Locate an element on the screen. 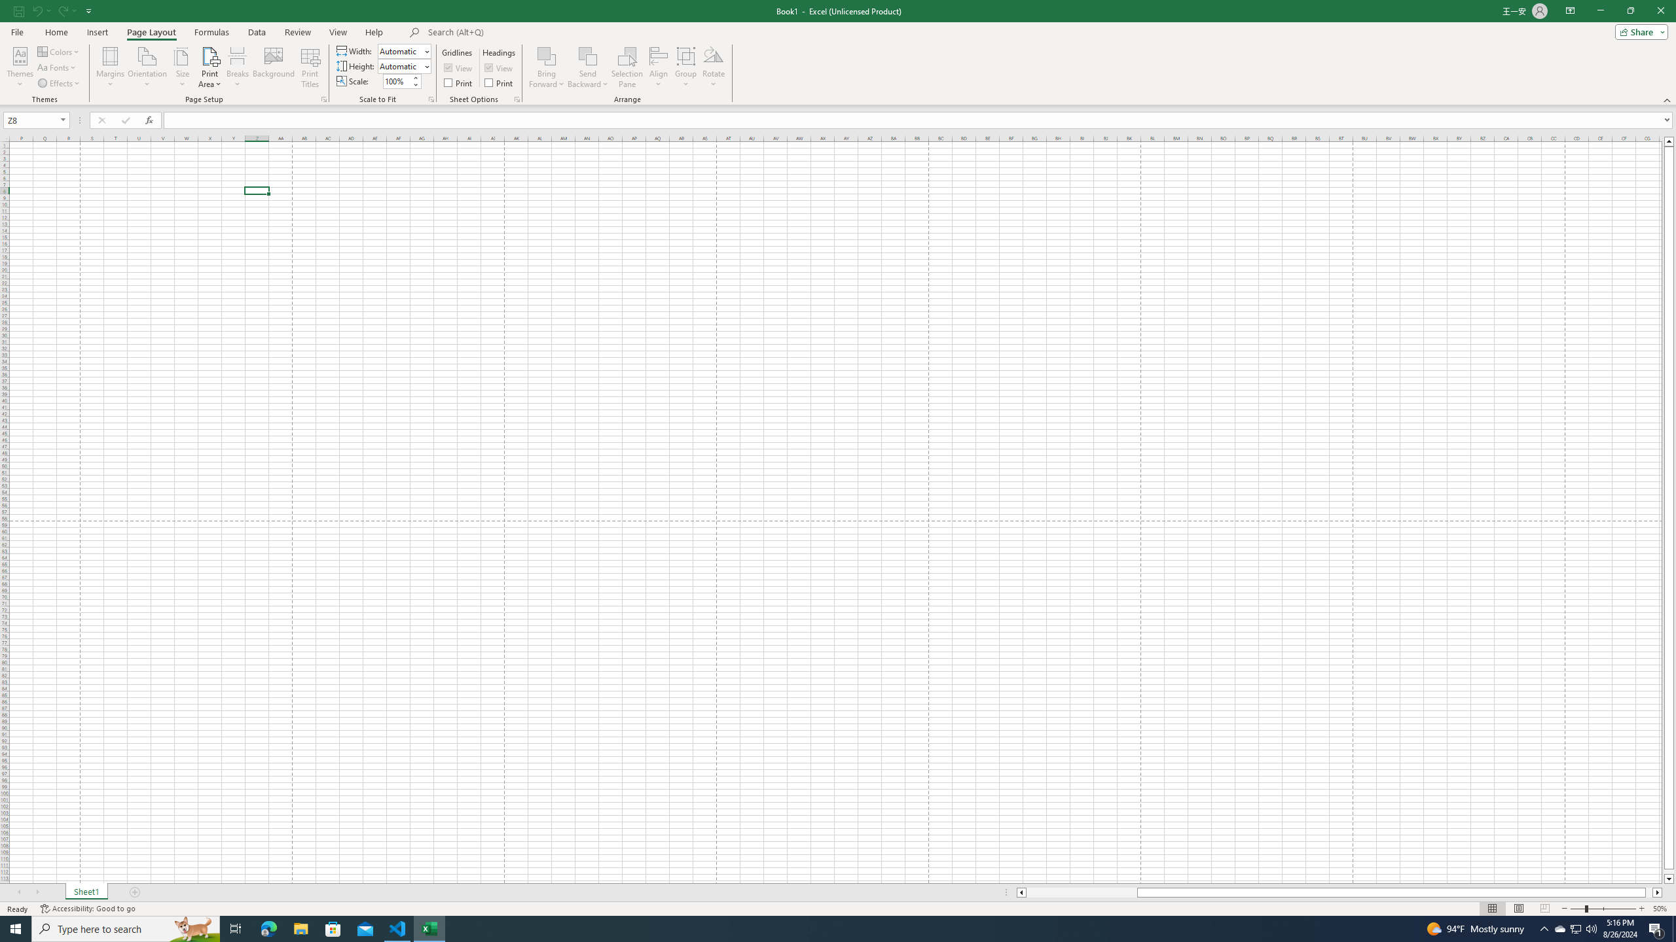 The image size is (1676, 942). 'Height' is located at coordinates (400, 65).